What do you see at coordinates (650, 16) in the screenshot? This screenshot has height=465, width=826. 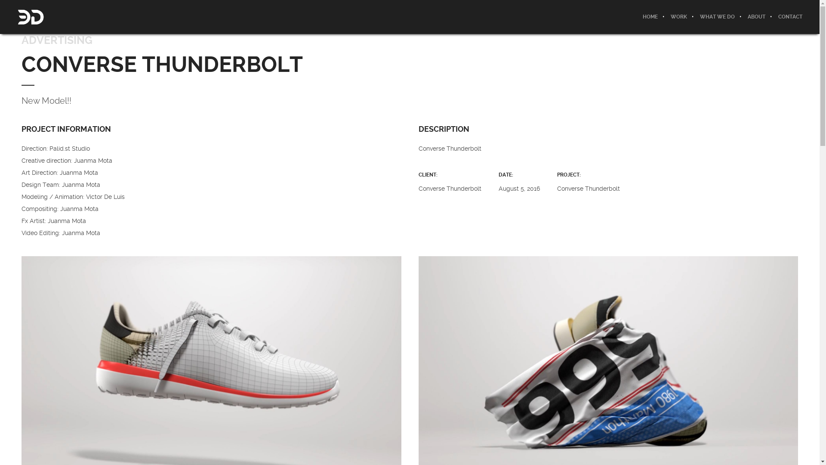 I see `'HOME'` at bounding box center [650, 16].